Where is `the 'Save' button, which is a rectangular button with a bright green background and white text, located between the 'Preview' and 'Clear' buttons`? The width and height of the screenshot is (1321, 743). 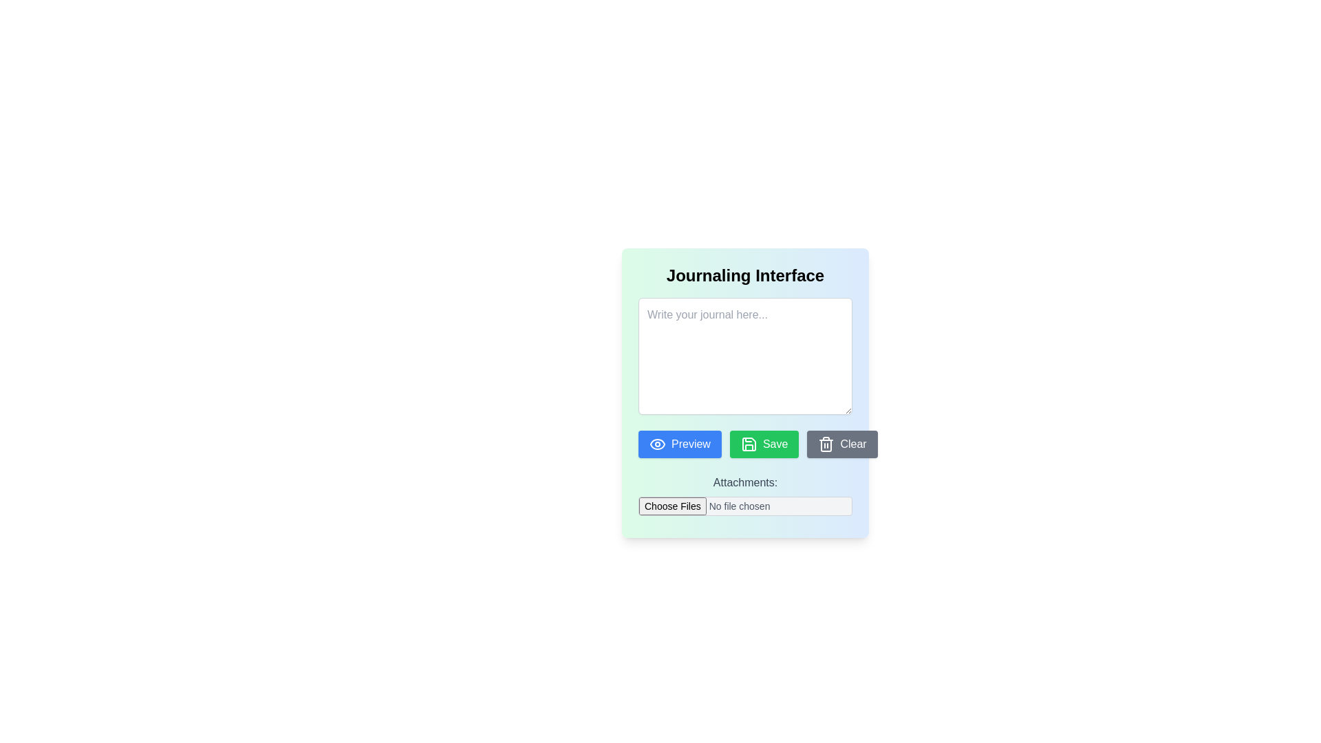 the 'Save' button, which is a rectangular button with a bright green background and white text, located between the 'Preview' and 'Clear' buttons is located at coordinates (764, 444).